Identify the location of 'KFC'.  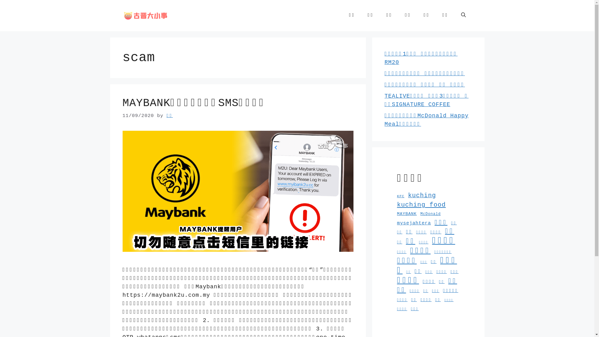
(400, 196).